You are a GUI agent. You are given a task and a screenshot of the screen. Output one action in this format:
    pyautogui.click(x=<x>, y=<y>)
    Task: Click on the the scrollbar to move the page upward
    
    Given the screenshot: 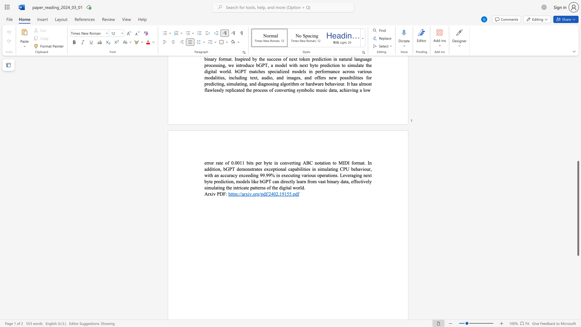 What is the action you would take?
    pyautogui.click(x=578, y=151)
    